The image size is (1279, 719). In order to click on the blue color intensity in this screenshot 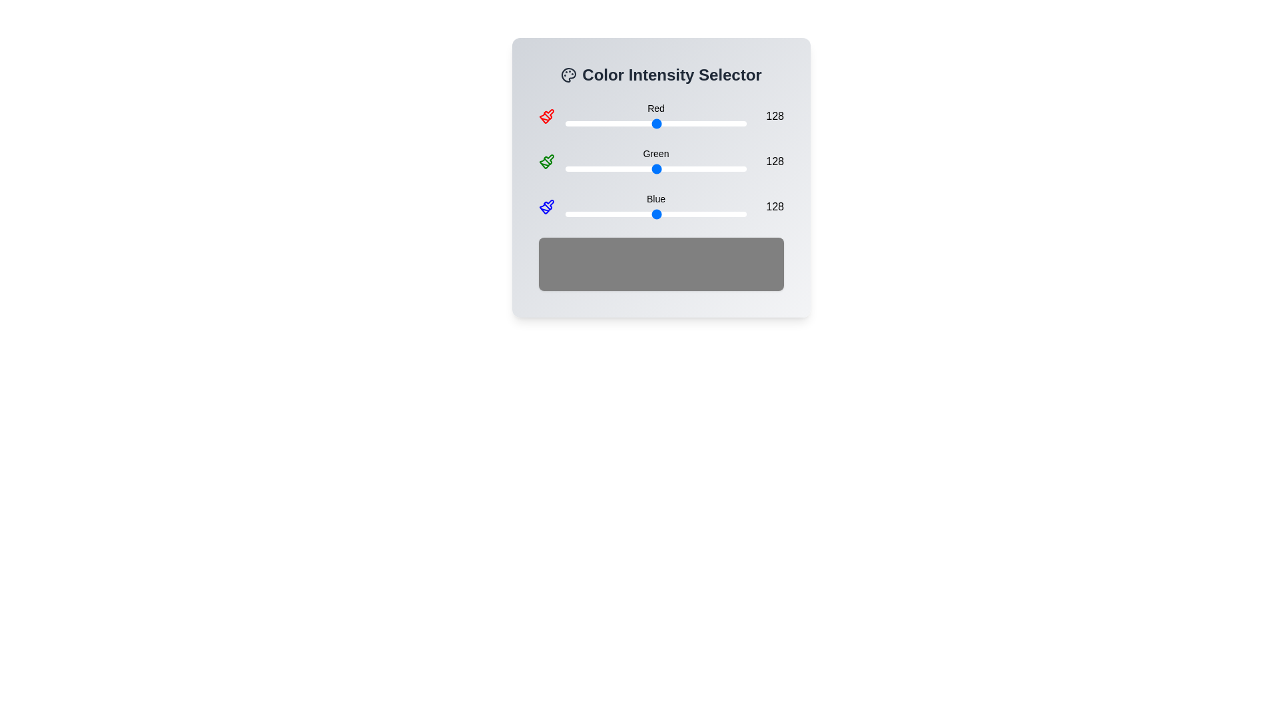, I will do `click(587, 213)`.